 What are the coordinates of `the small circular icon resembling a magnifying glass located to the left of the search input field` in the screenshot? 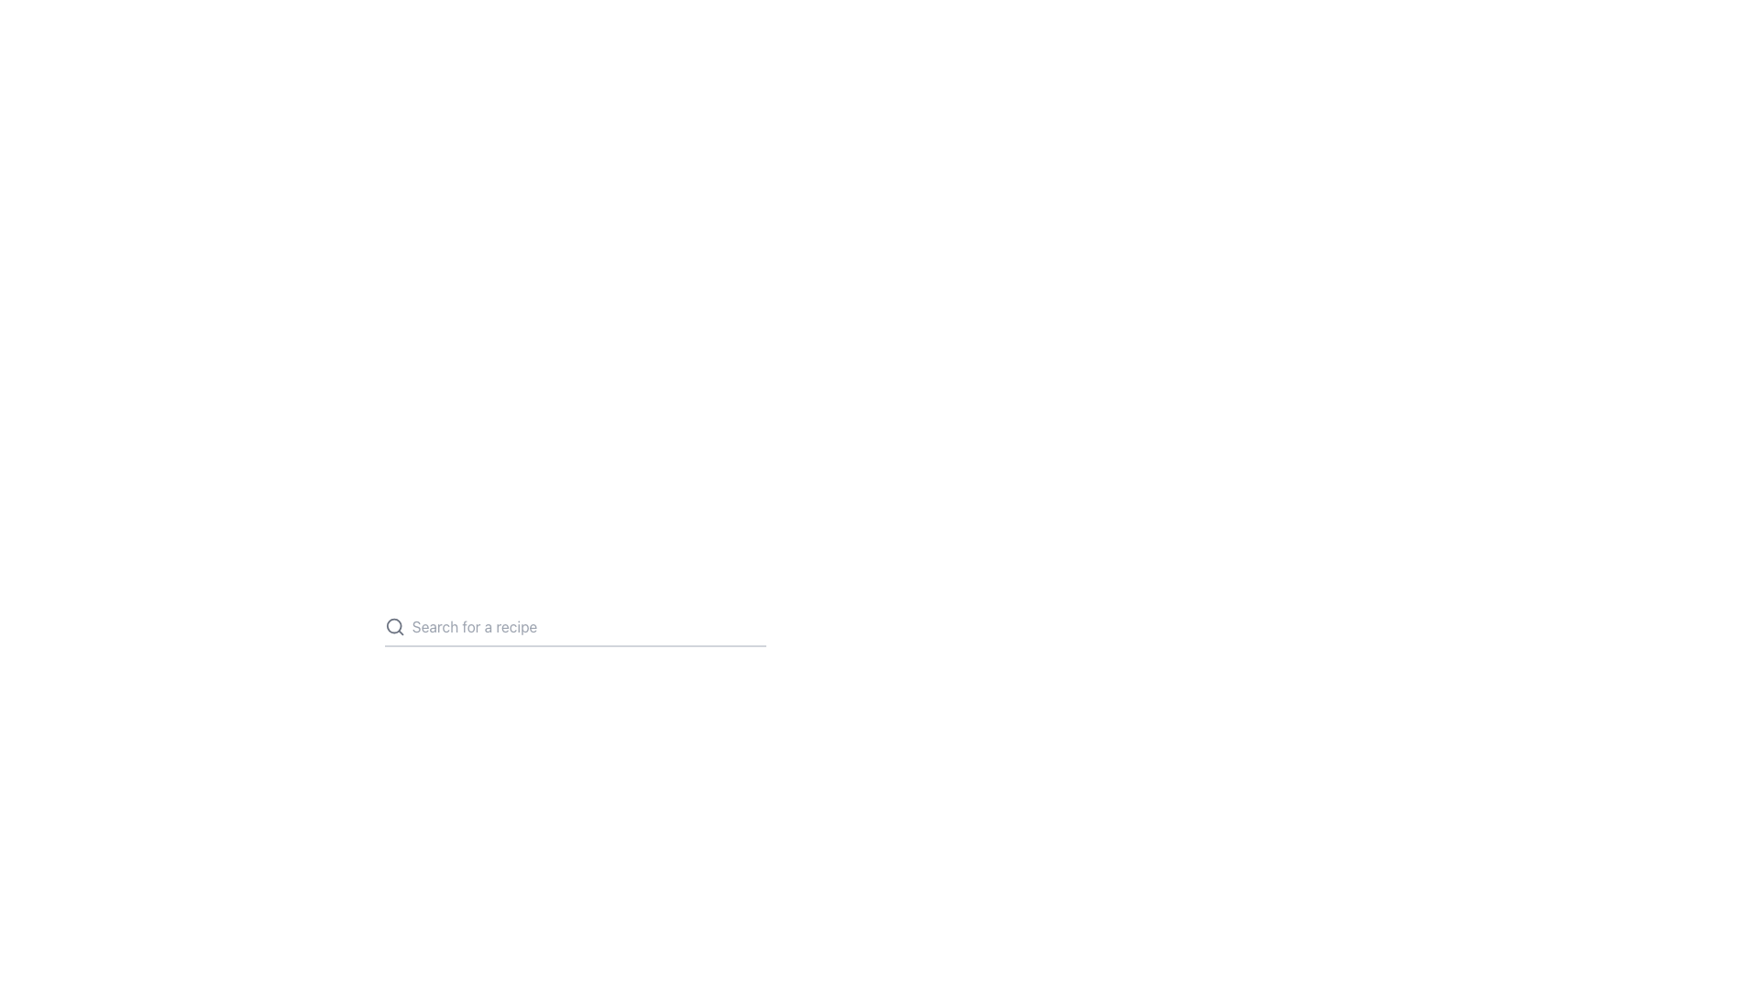 It's located at (392, 625).